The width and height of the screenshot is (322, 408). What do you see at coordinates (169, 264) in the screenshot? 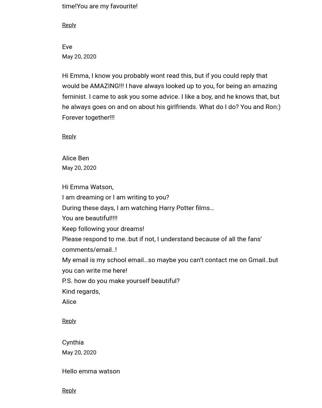
I see `'My email is my school email…so maybe you can’t contact me on Gmail..but you can write me here!'` at bounding box center [169, 264].